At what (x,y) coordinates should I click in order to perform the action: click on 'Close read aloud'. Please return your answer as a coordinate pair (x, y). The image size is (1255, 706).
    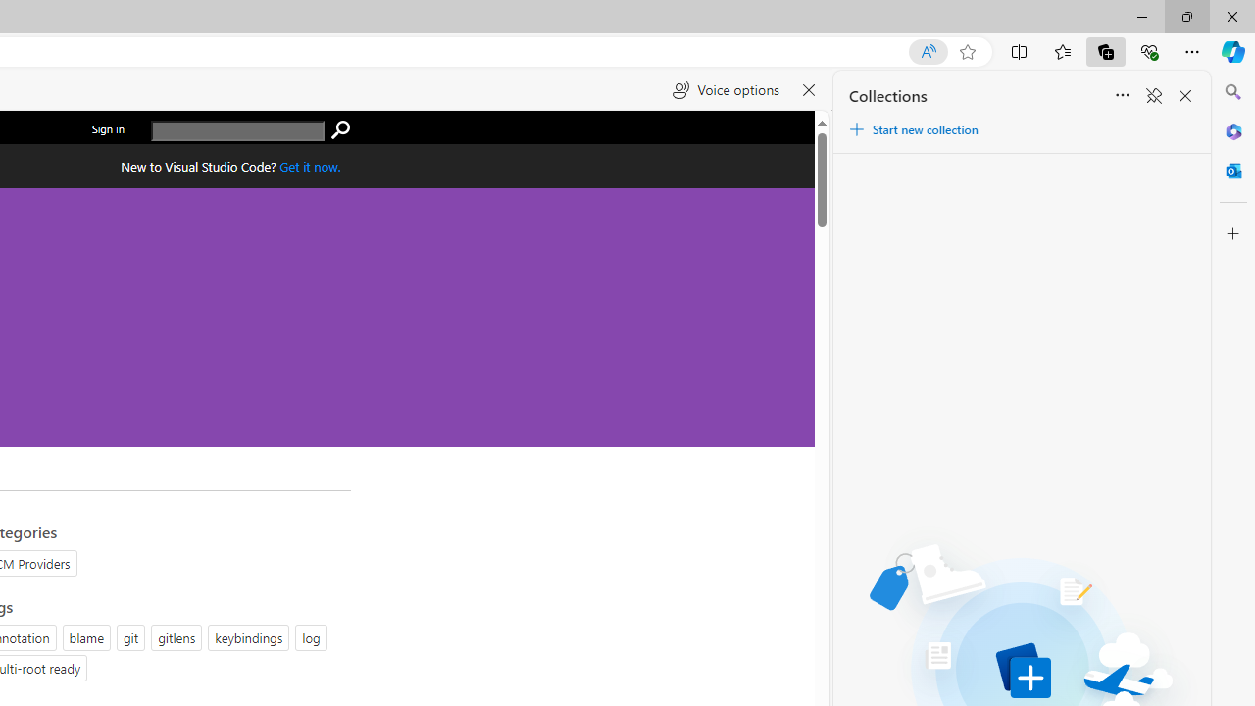
    Looking at the image, I should click on (809, 90).